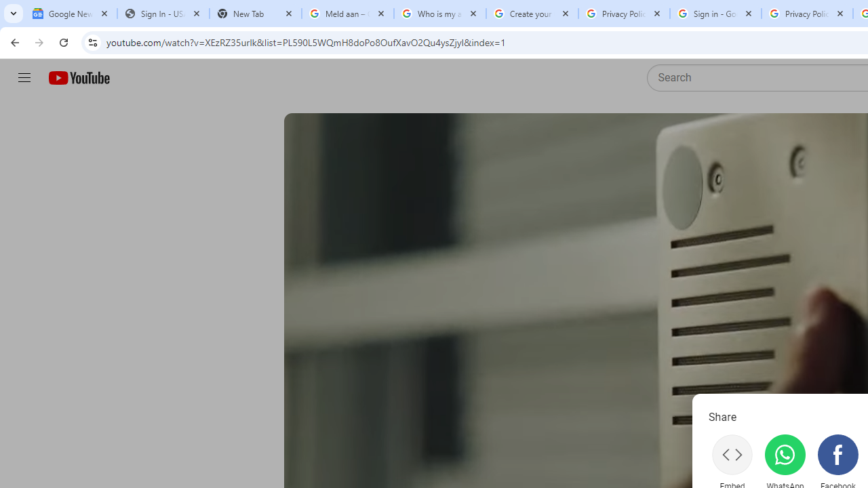 This screenshot has height=488, width=868. Describe the element at coordinates (439, 14) in the screenshot. I see `'Who is my administrator? - Google Account Help'` at that location.